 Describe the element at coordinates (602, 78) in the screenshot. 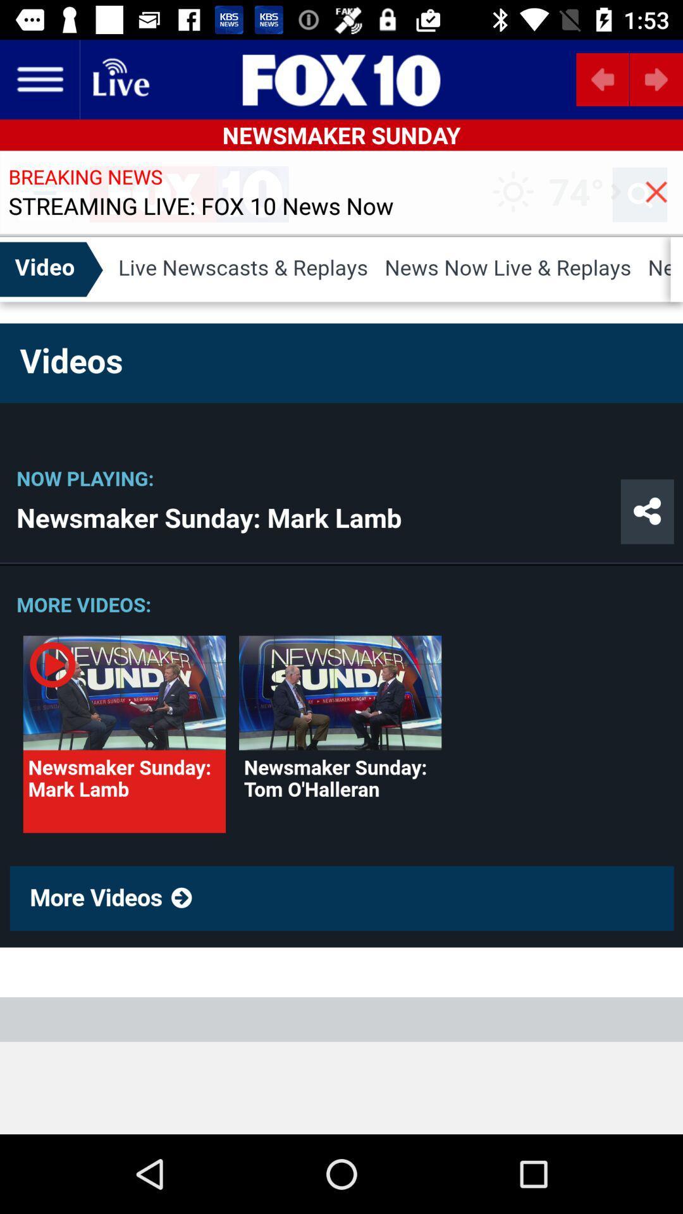

I see `the arrow_backward icon` at that location.